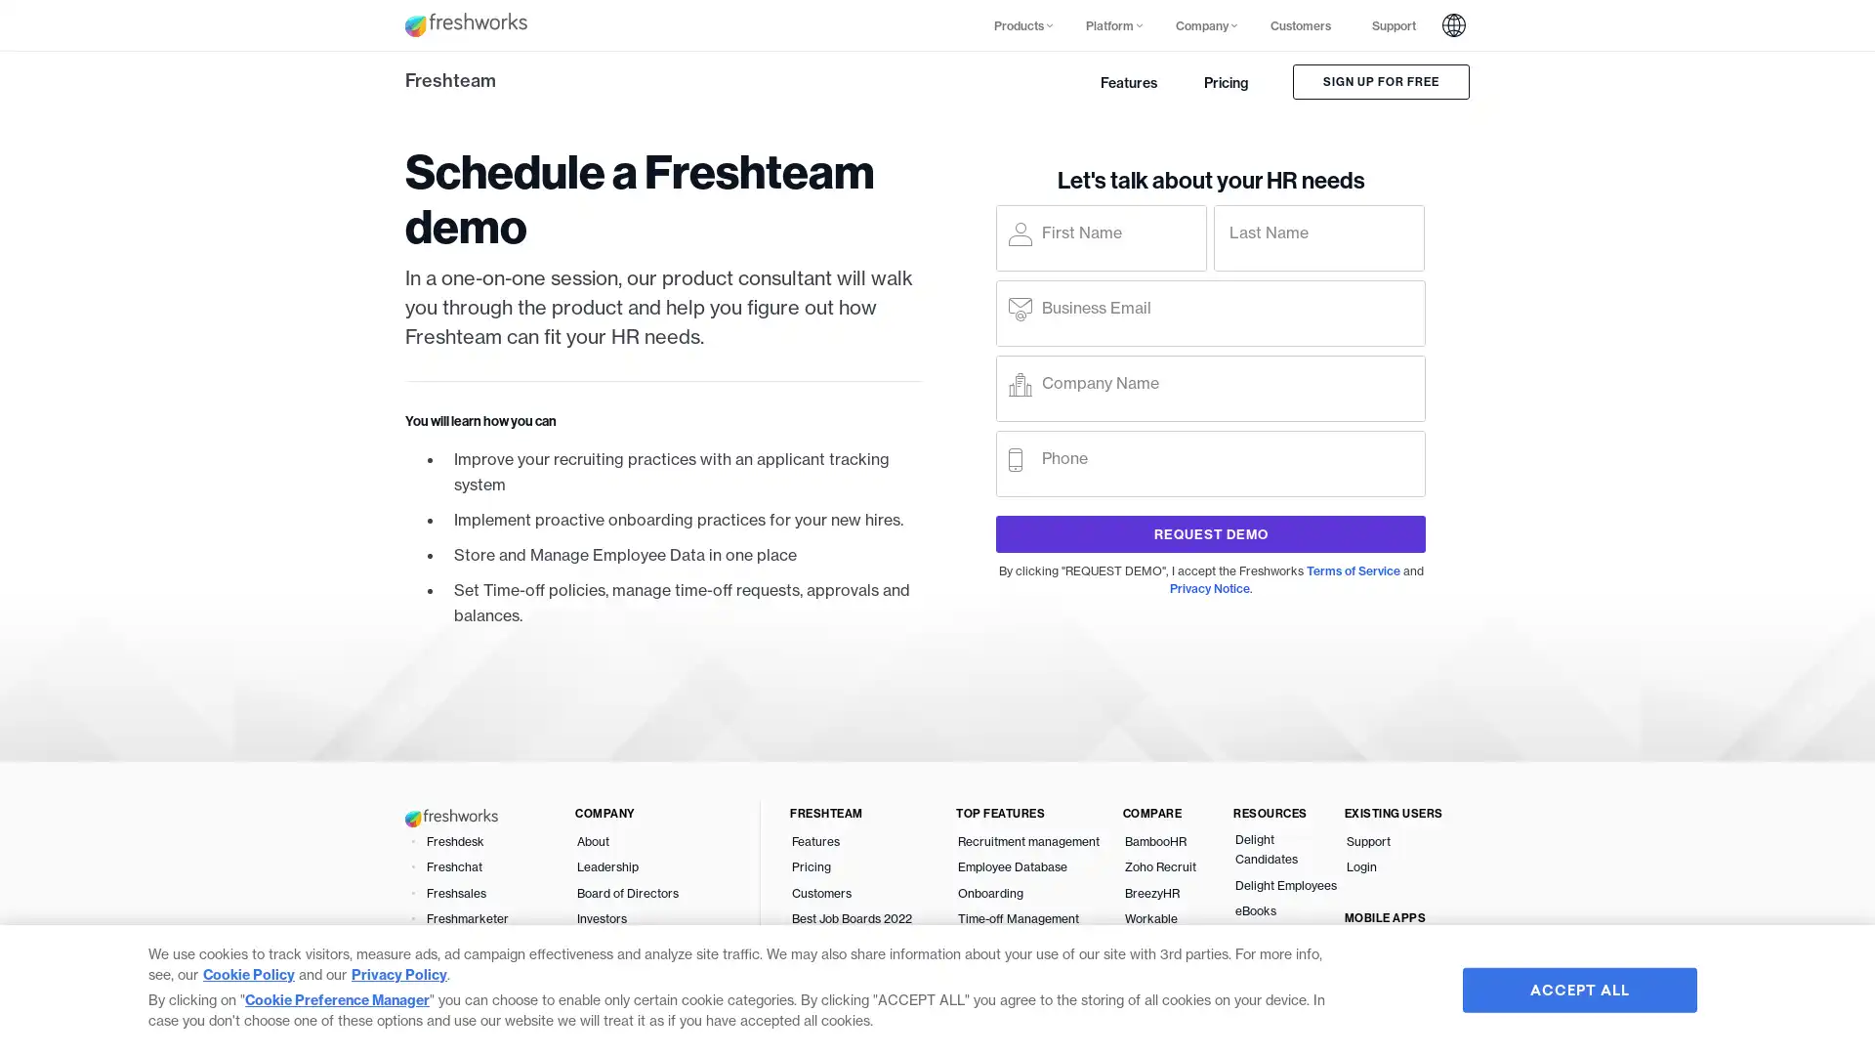  What do you see at coordinates (1038, 813) in the screenshot?
I see `TOP FEATURES` at bounding box center [1038, 813].